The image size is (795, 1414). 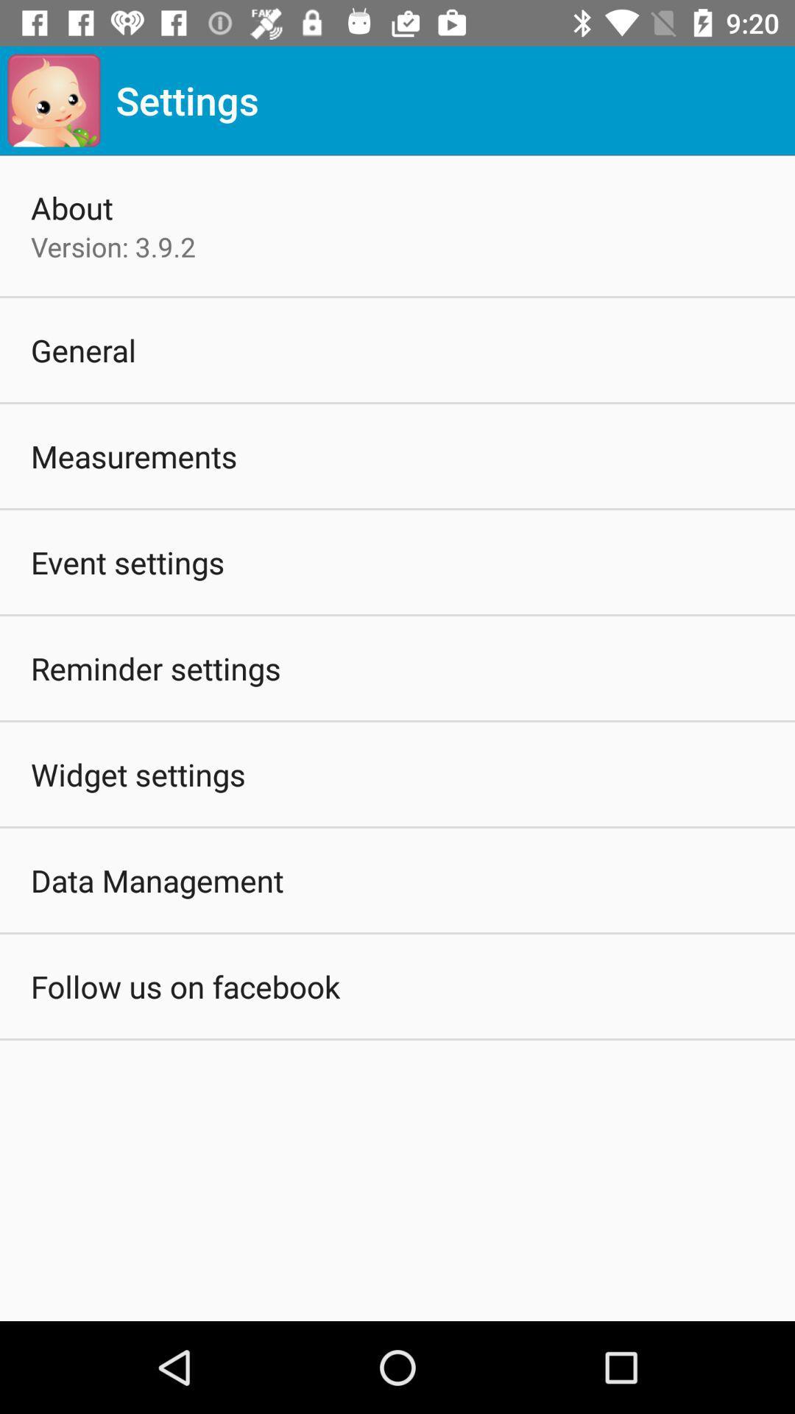 I want to click on follow us on icon, so click(x=184, y=986).